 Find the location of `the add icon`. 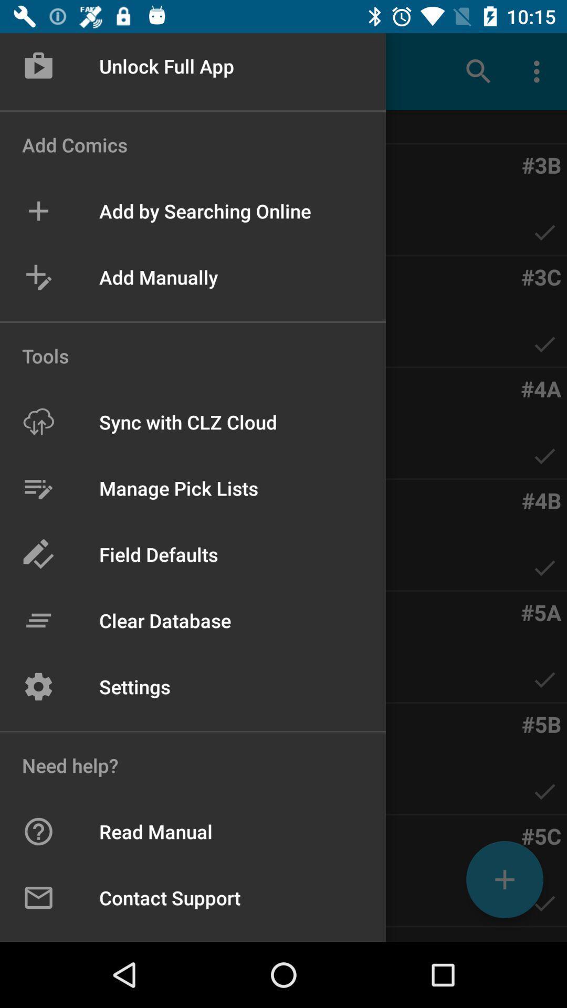

the add icon is located at coordinates (504, 879).